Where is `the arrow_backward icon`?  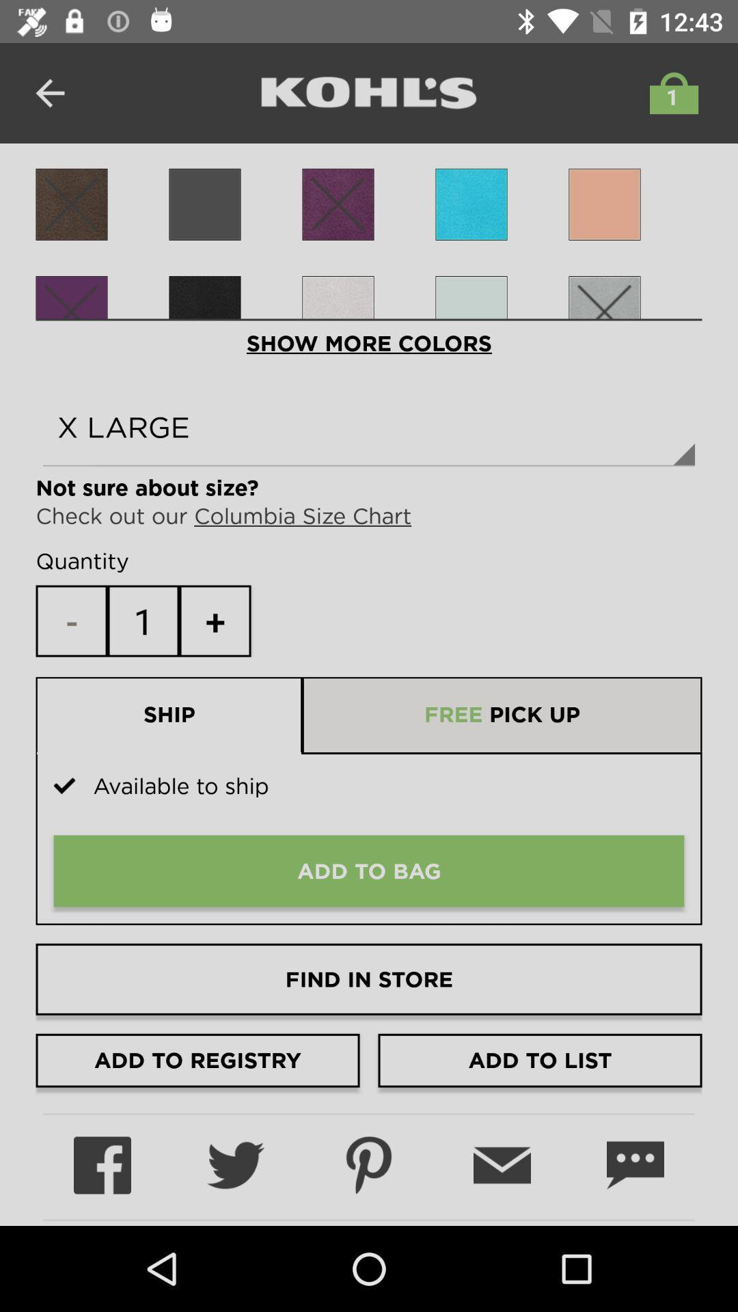
the arrow_backward icon is located at coordinates (49, 92).